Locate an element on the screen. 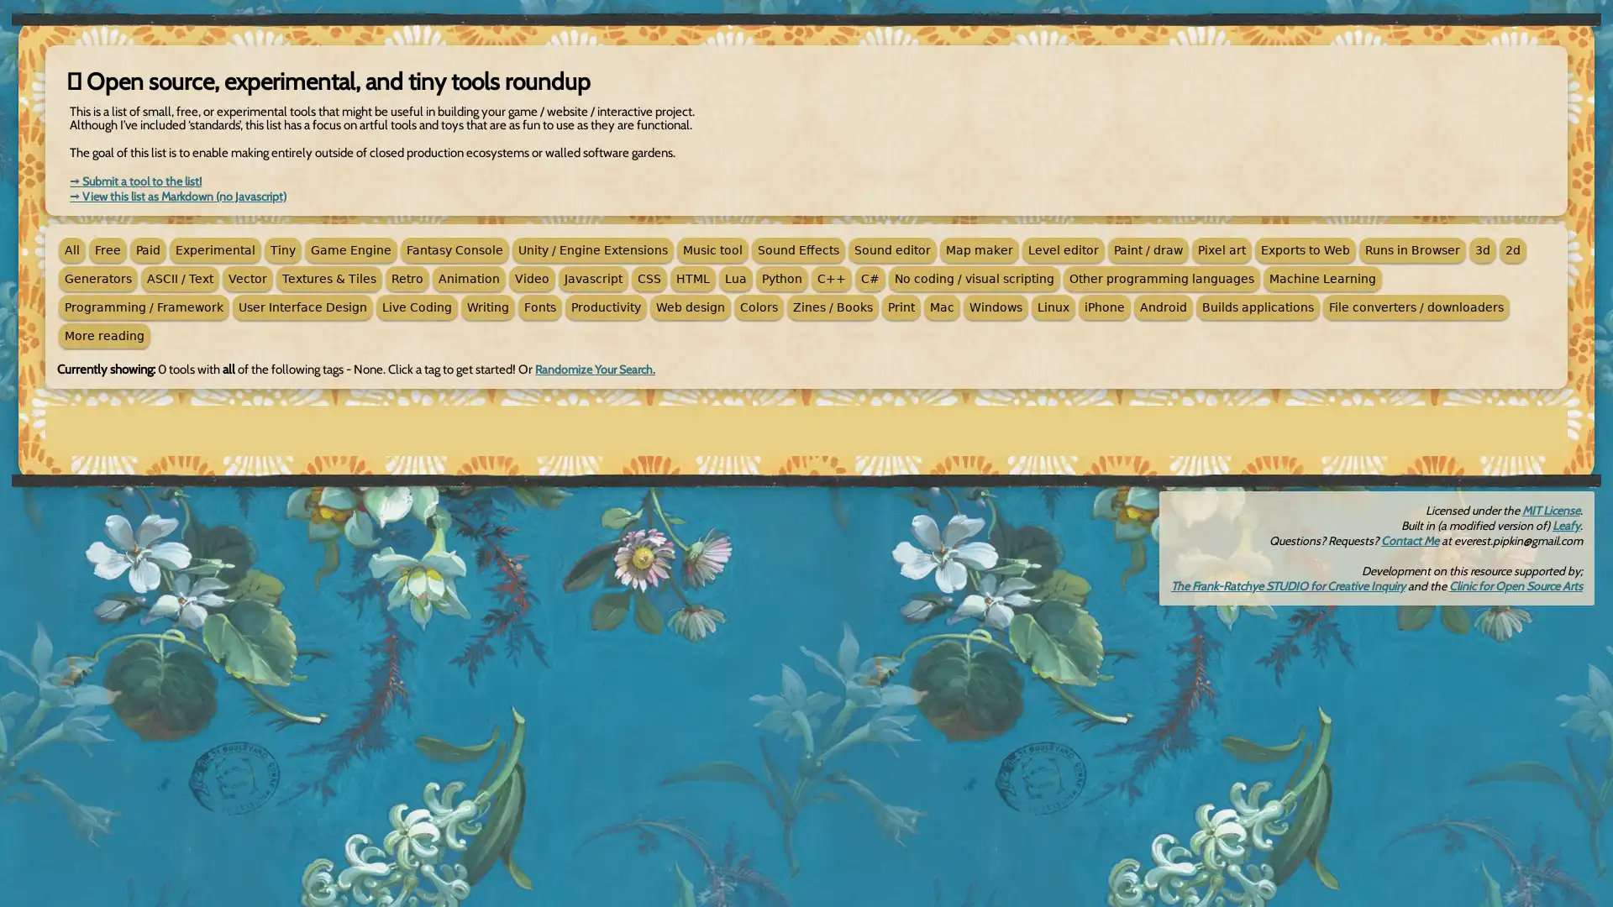 This screenshot has width=1613, height=907. Game Engine is located at coordinates (349, 249).